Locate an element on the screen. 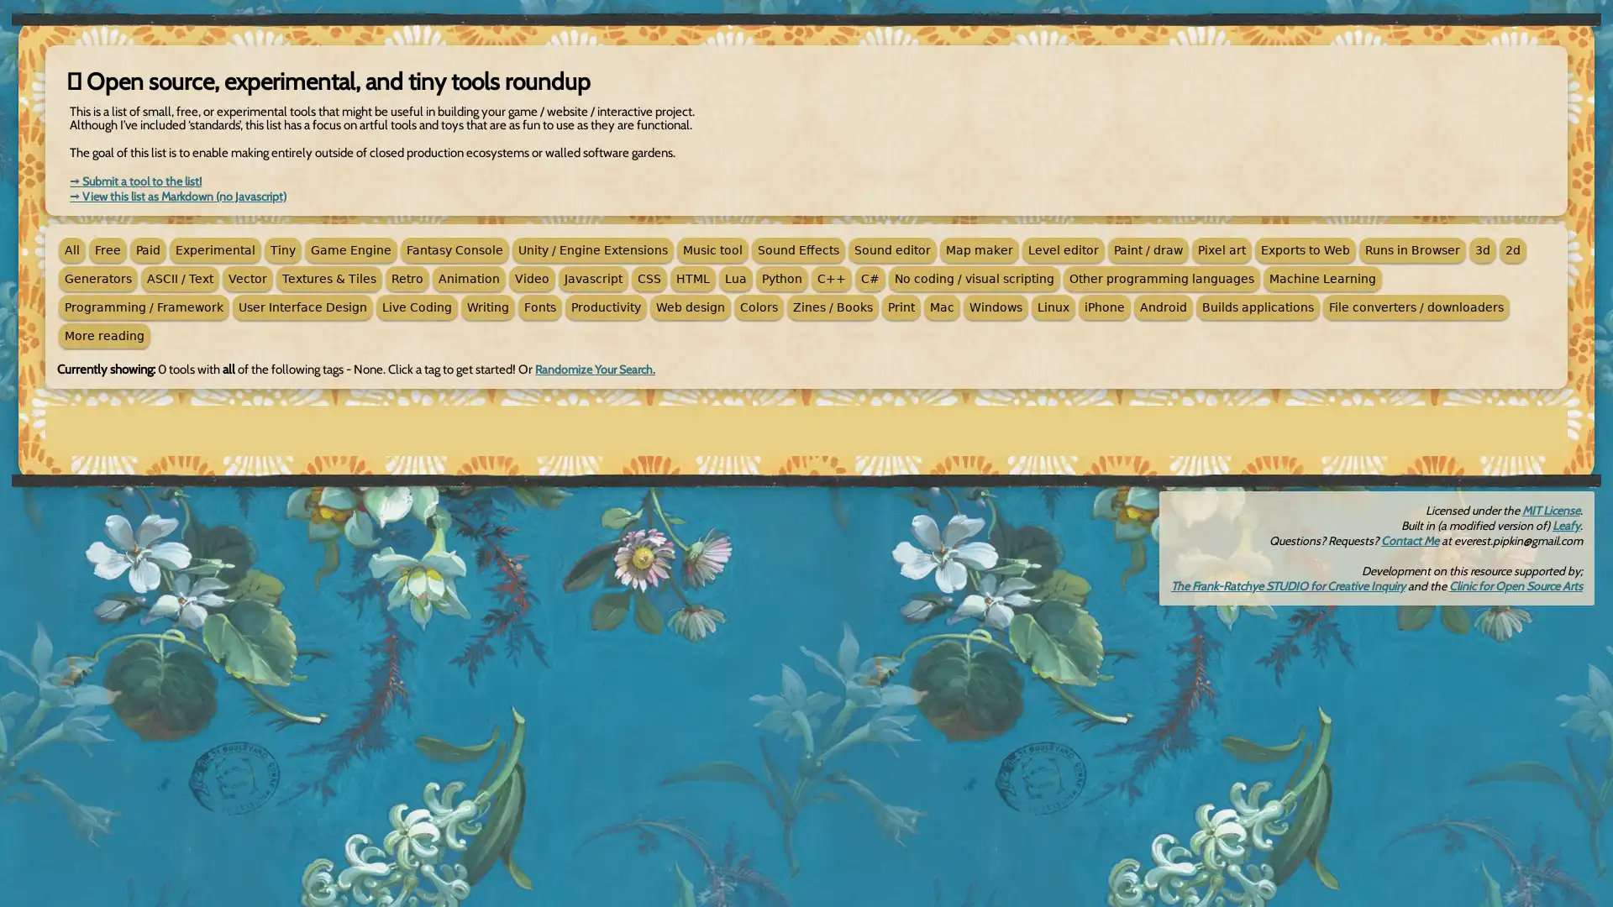 This screenshot has width=1613, height=907. Game Engine is located at coordinates (349, 249).